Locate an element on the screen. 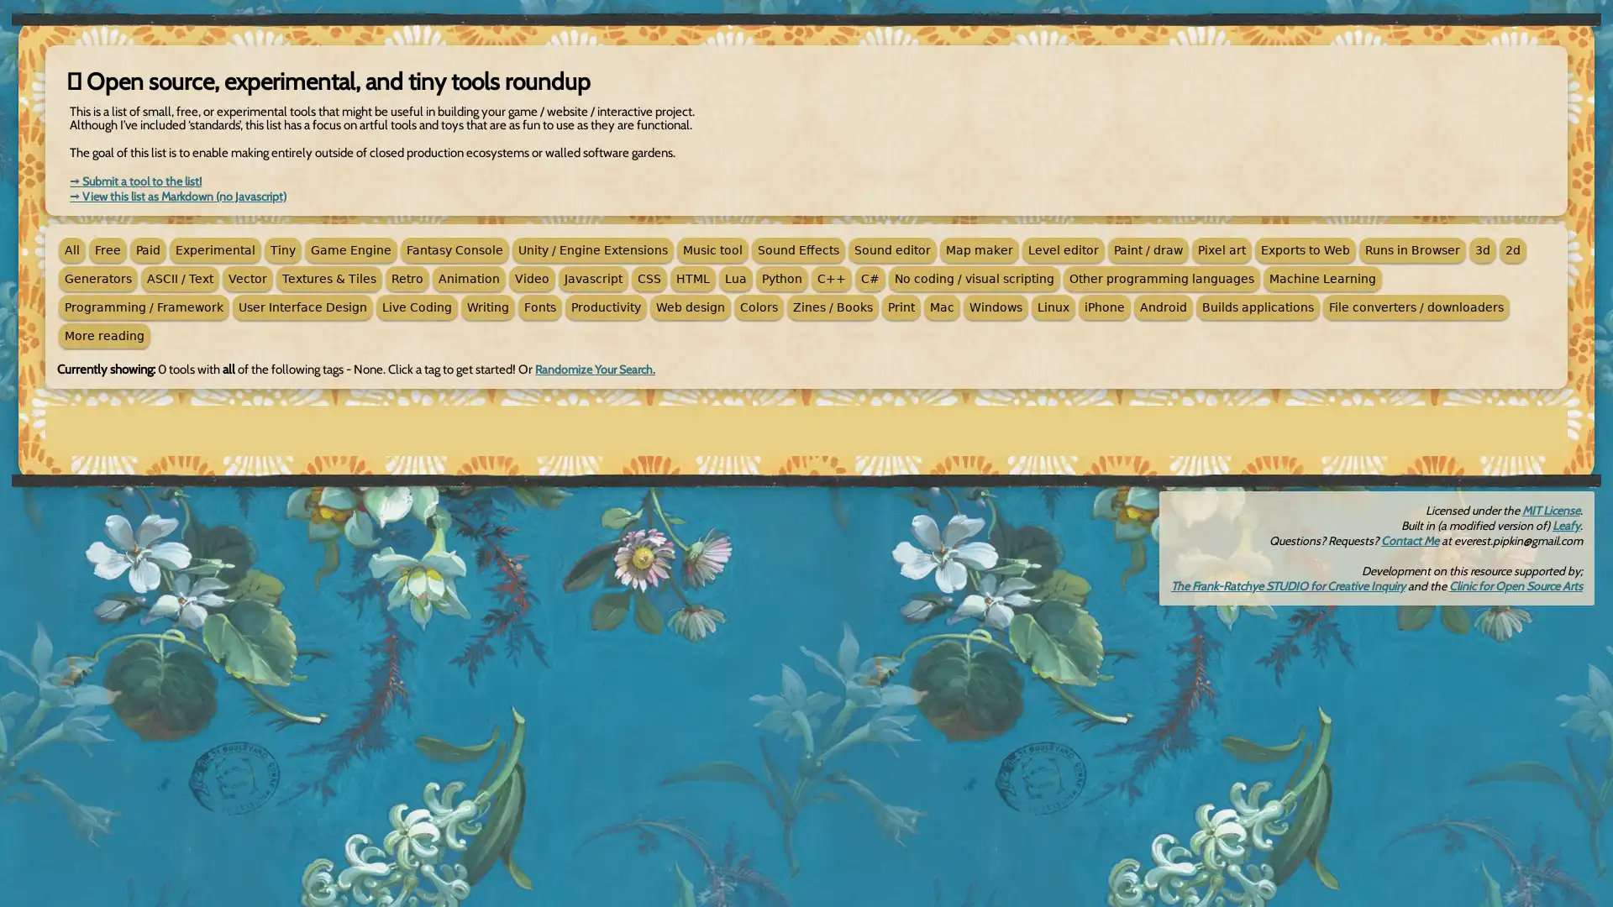 This screenshot has width=1613, height=907. Game Engine is located at coordinates (349, 249).